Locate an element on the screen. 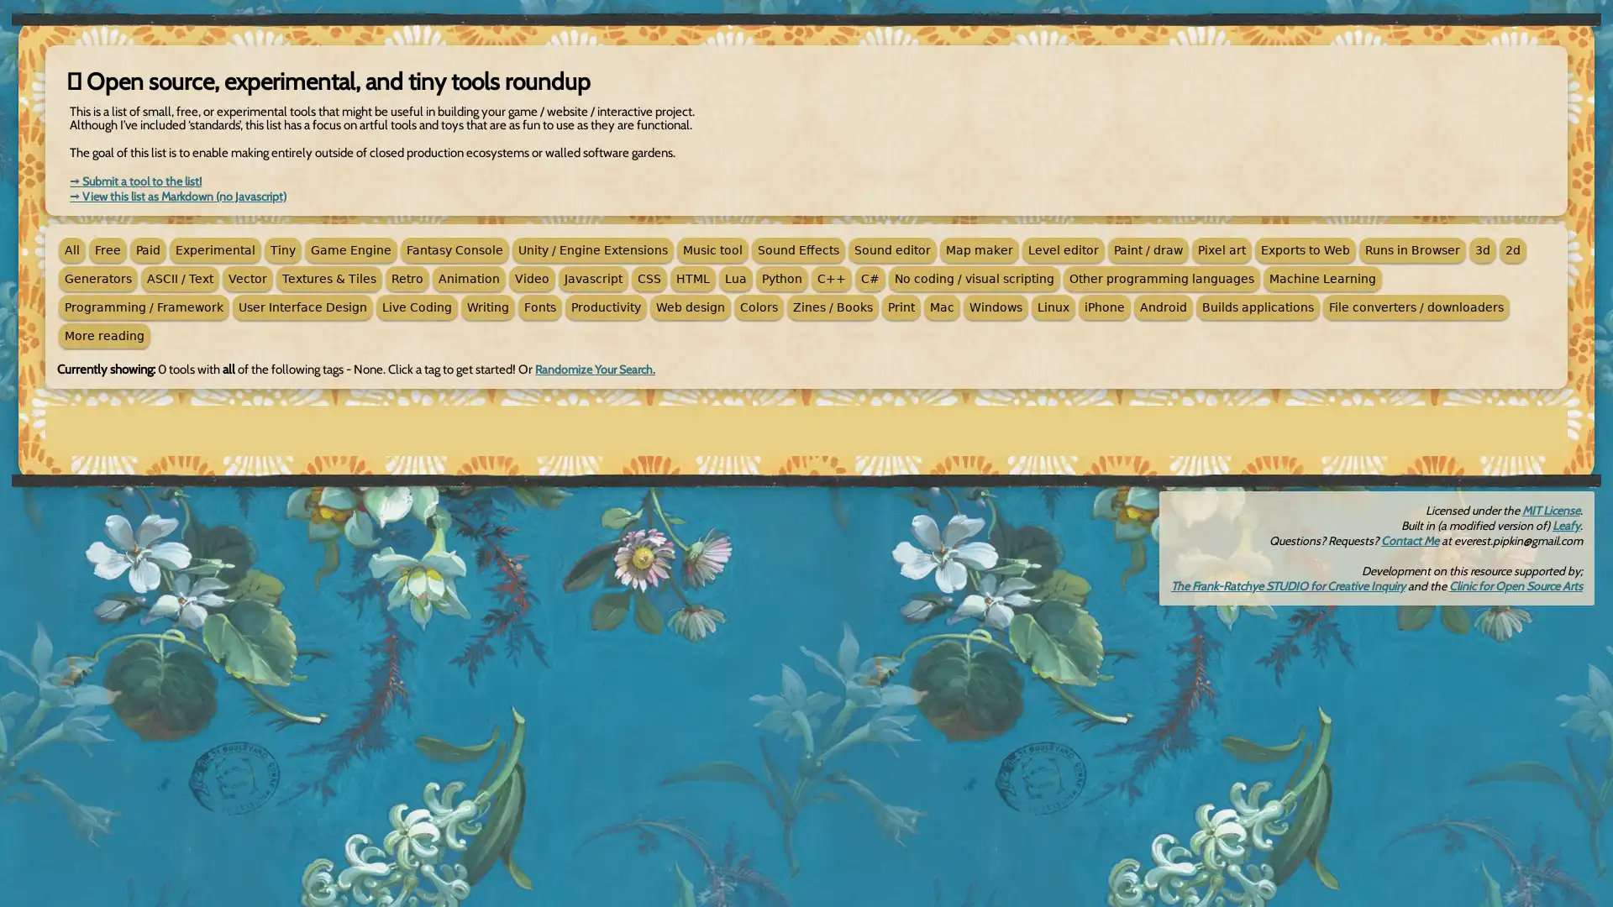 This screenshot has width=1613, height=907. Game Engine is located at coordinates (349, 249).